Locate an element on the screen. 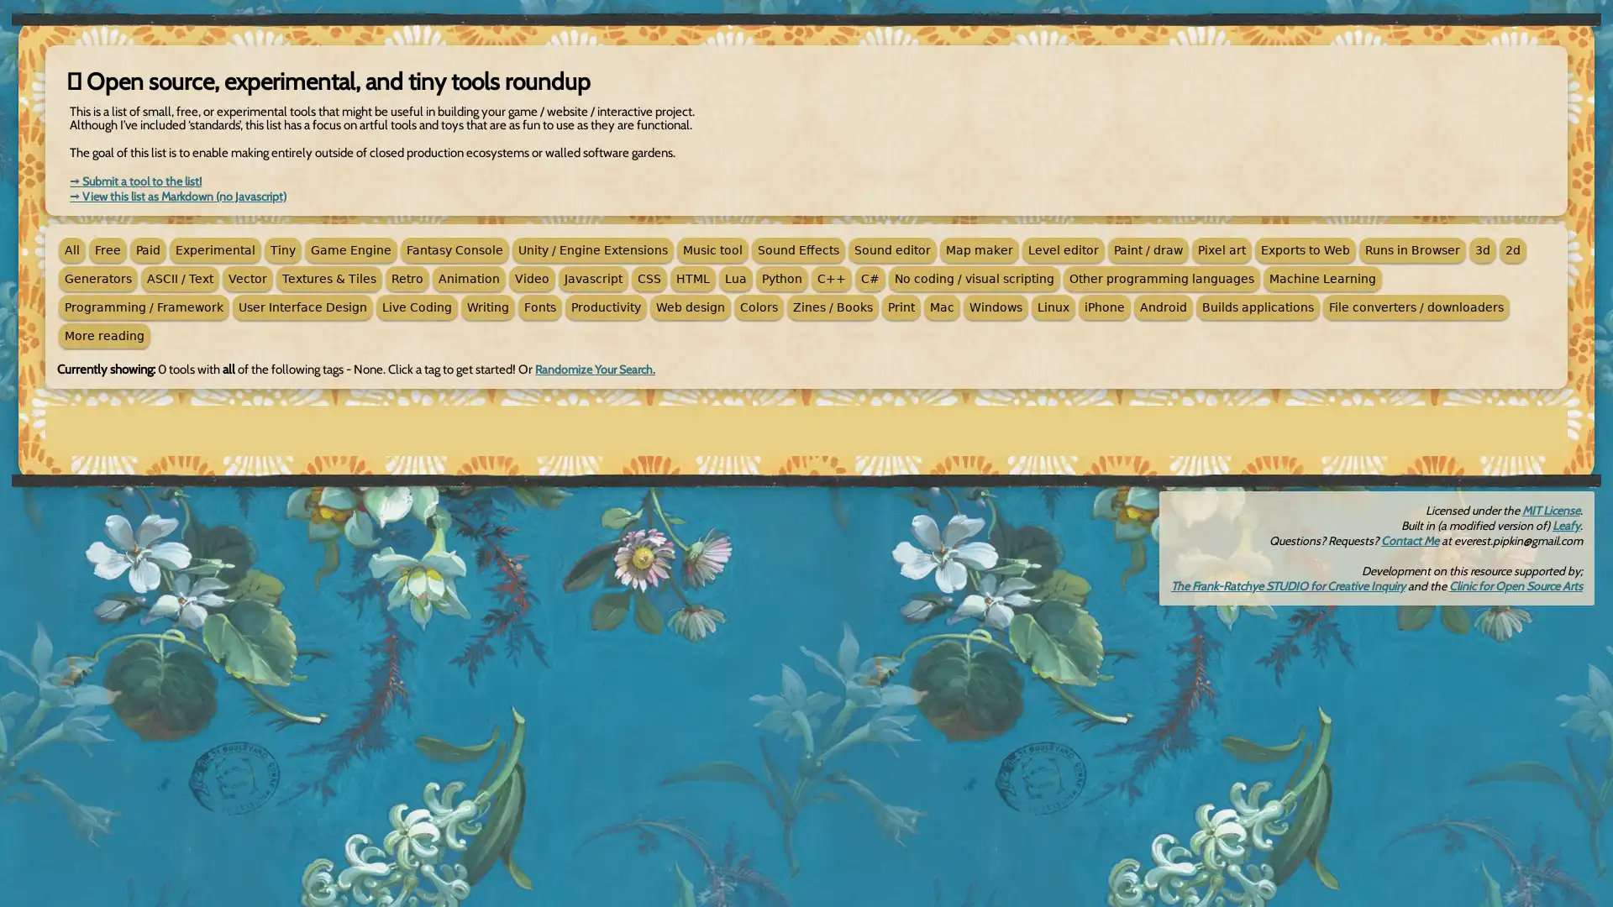 This screenshot has width=1613, height=907. Game Engine is located at coordinates (349, 249).